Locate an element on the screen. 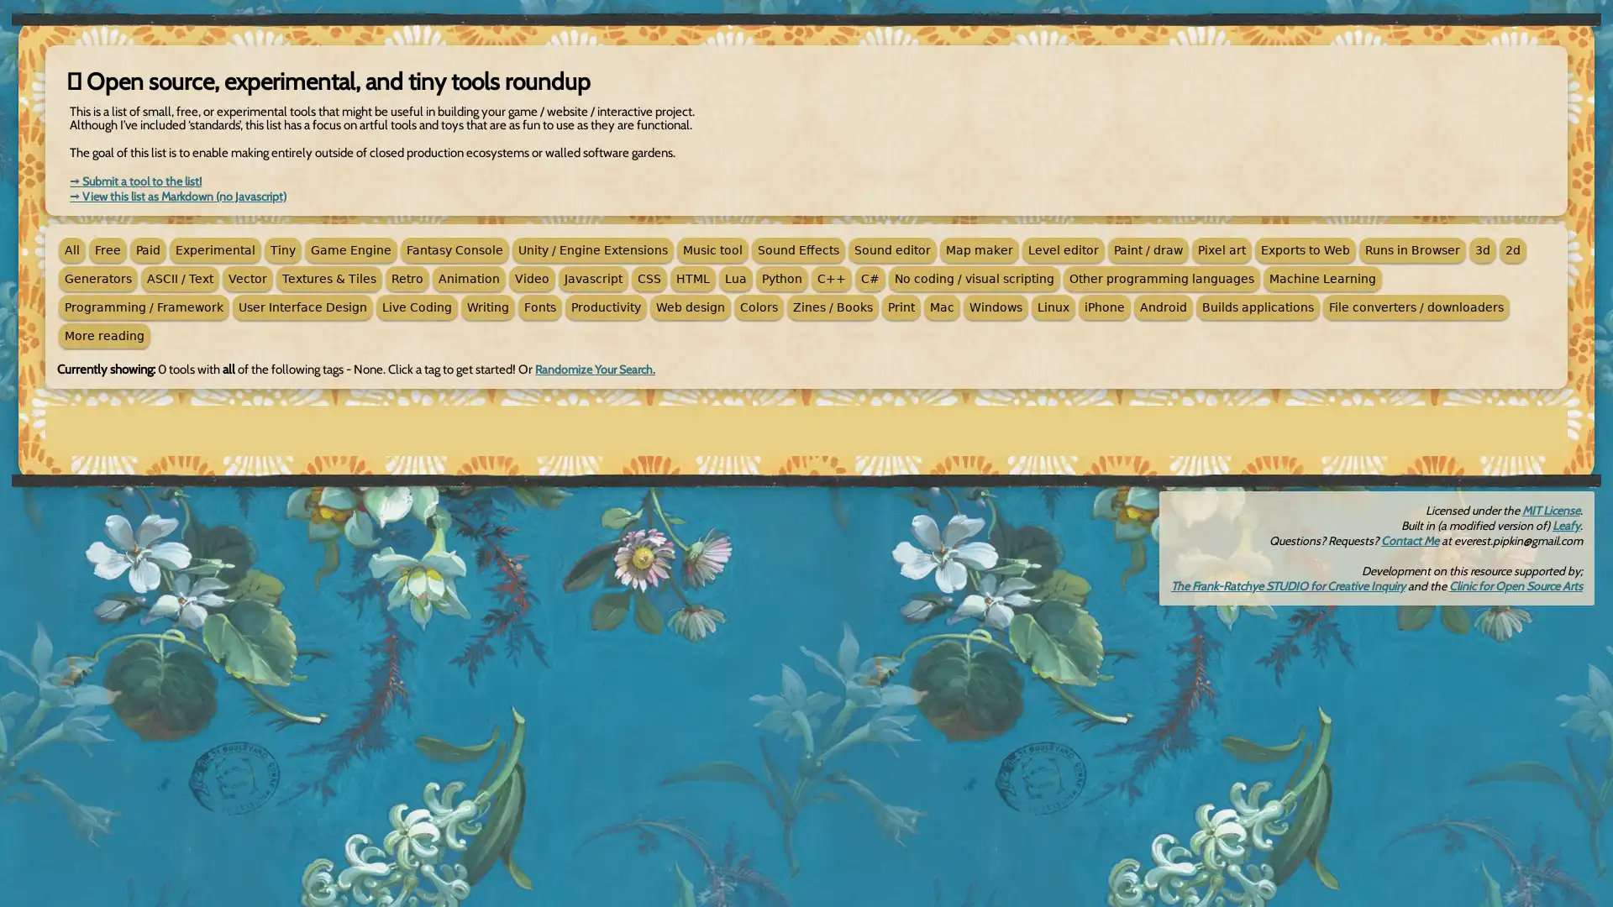 This screenshot has width=1613, height=907. Game Engine is located at coordinates (349, 249).